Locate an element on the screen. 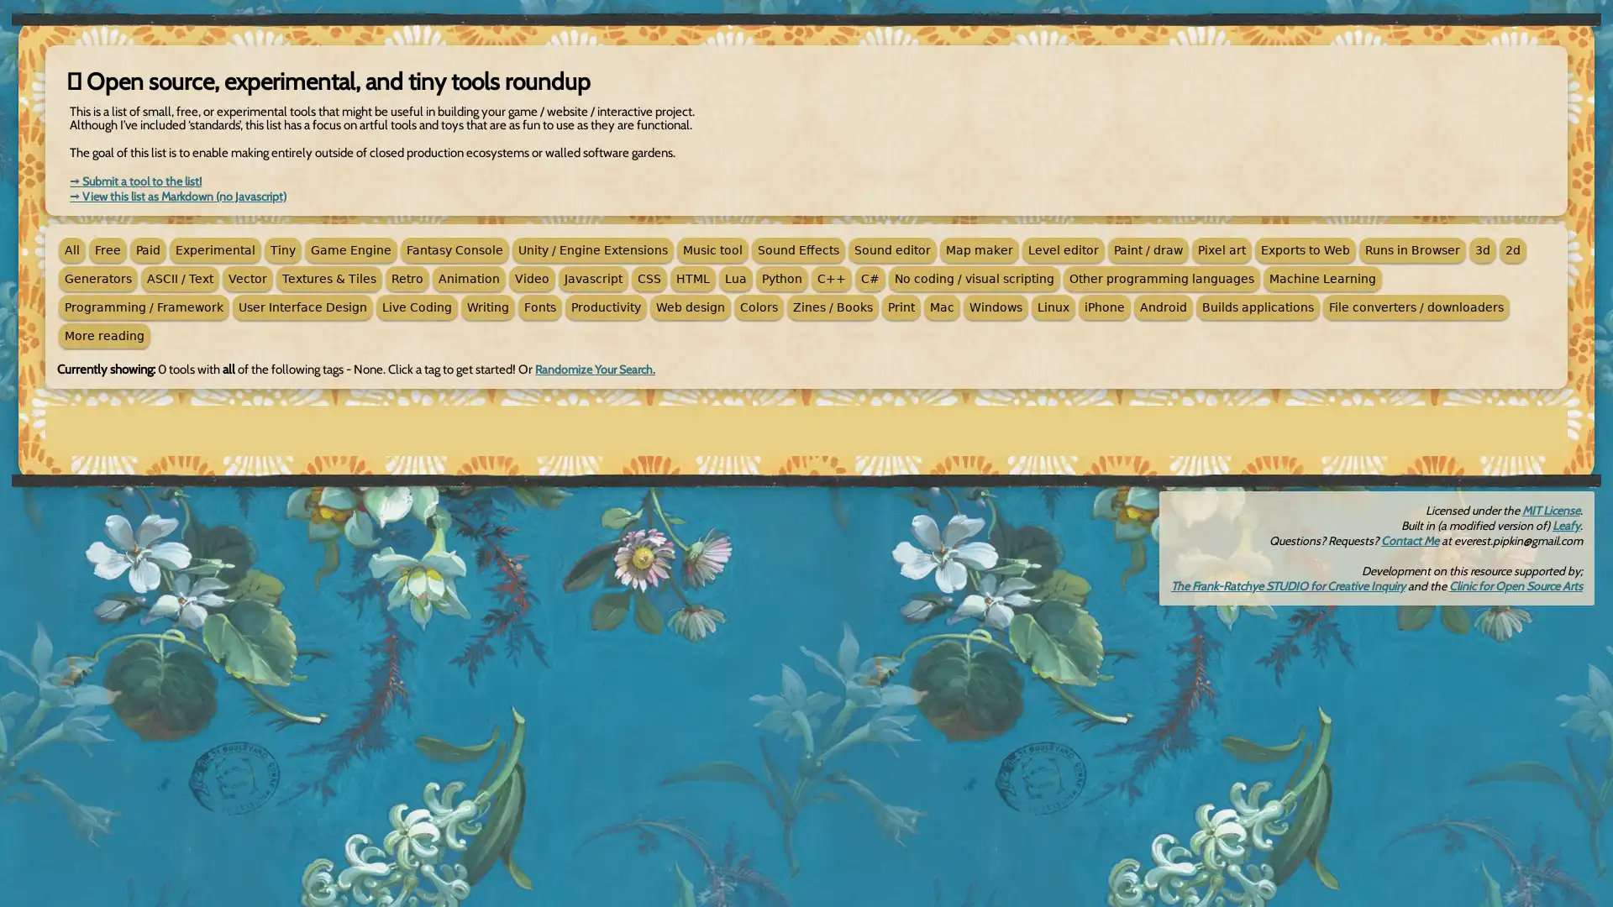 This screenshot has width=1613, height=907. Game Engine is located at coordinates (349, 249).